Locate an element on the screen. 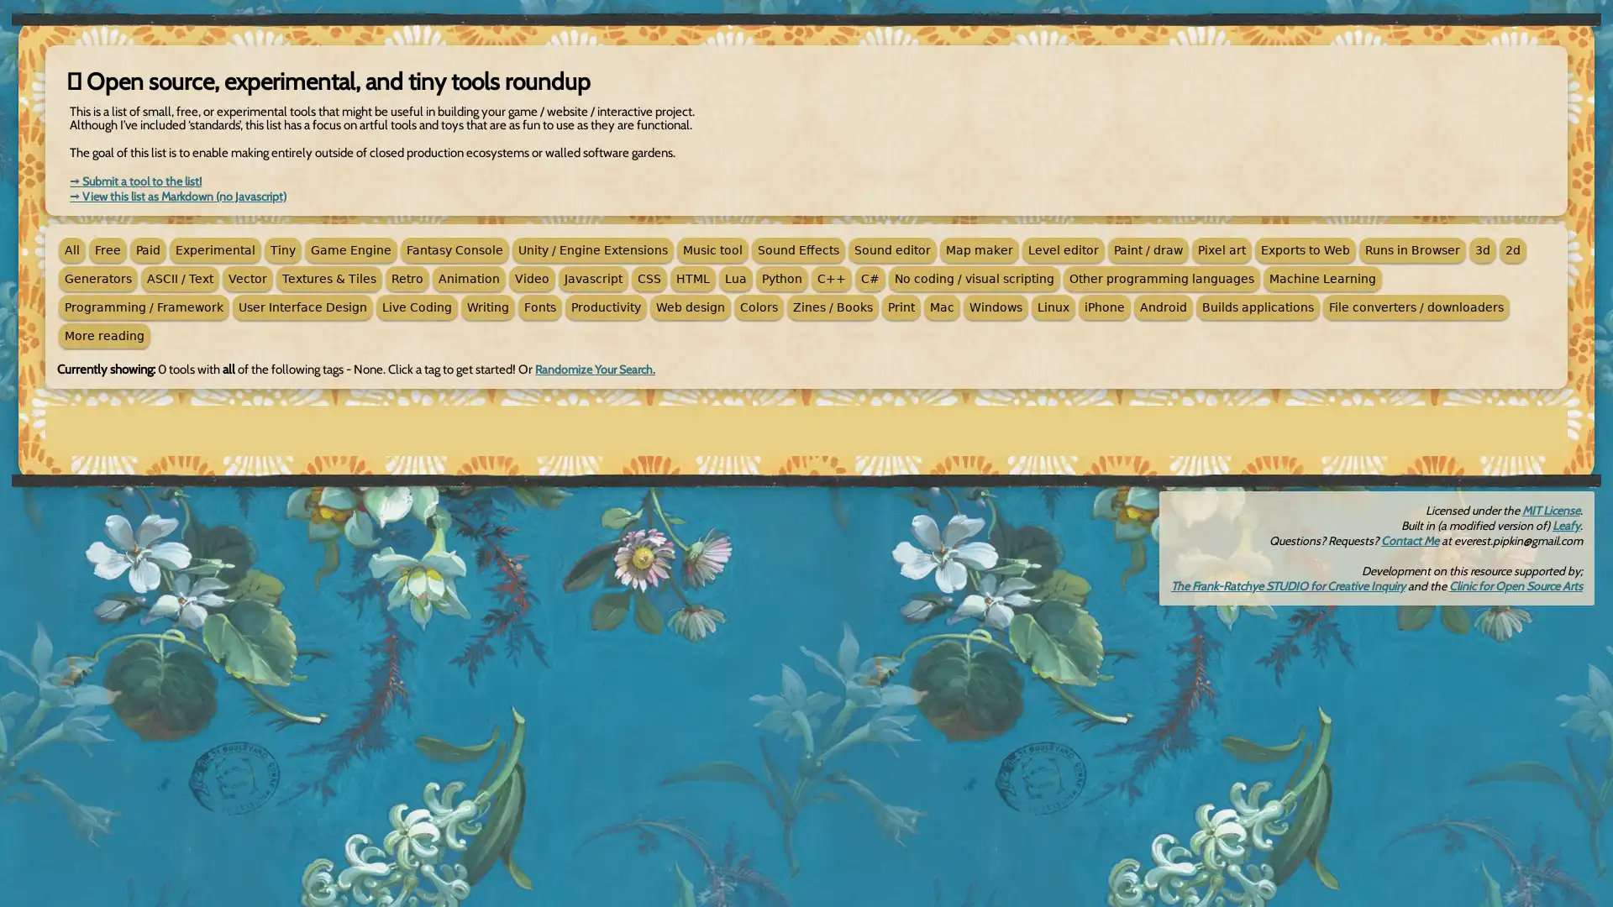 This screenshot has width=1613, height=907. Game Engine is located at coordinates (349, 249).